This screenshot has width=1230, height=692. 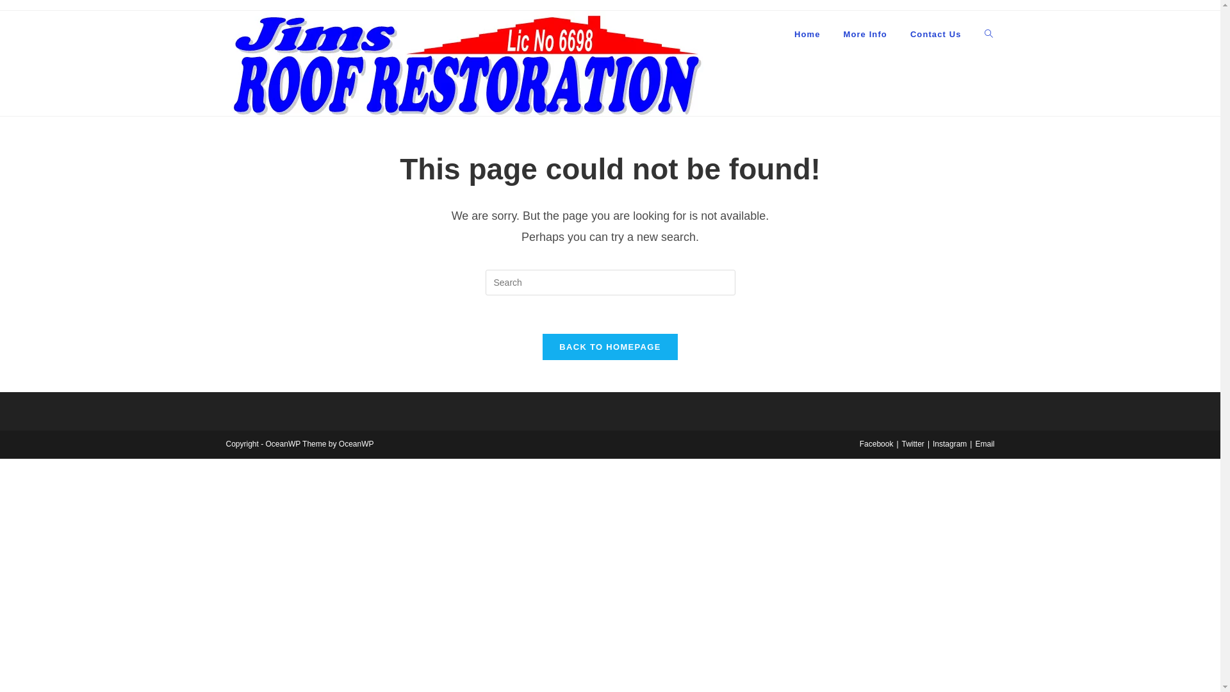 I want to click on 'Twitter', so click(x=912, y=443).